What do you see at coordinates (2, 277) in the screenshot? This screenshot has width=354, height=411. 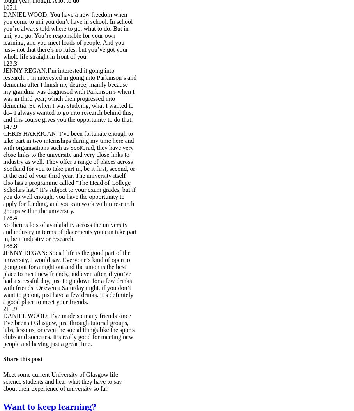 I see `'JENNY REGAN: Social life is the good part of the university, I would say. Everyone’s kind of open to going out for a night out and the union is the best place to meet new friends, and even after, if you’ve had a stressful day, just to go down for a few drinks with friends. Or even a Saturday night, if you don’t want to go out, just have a few drinks. It’s definitely a good place to meet your friends.'` at bounding box center [2, 277].